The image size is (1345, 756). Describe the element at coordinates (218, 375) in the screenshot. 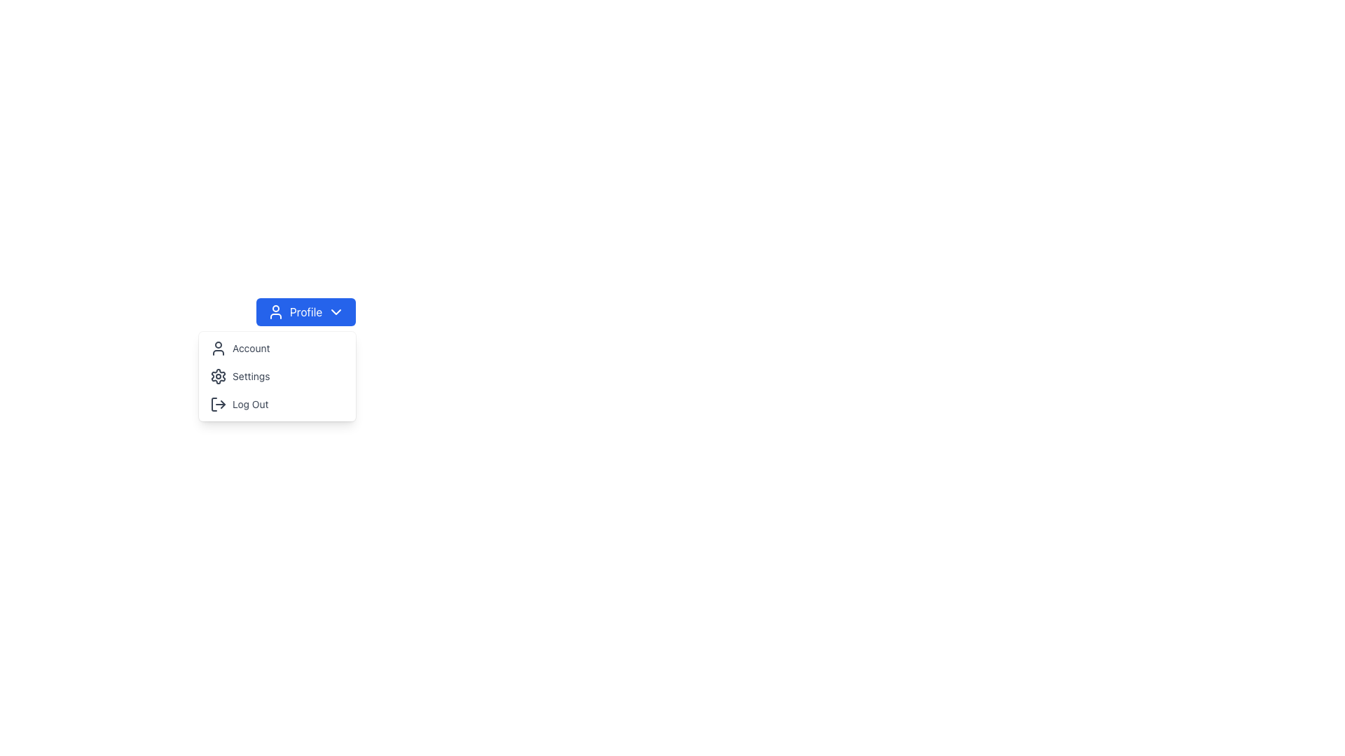

I see `the gear-shaped icon, which is the second item in the dropdown menu's icon list` at that location.